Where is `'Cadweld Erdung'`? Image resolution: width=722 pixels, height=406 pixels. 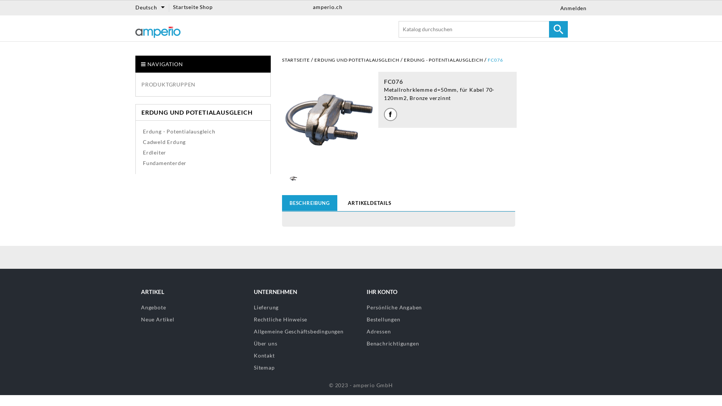
'Cadweld Erdung' is located at coordinates (164, 142).